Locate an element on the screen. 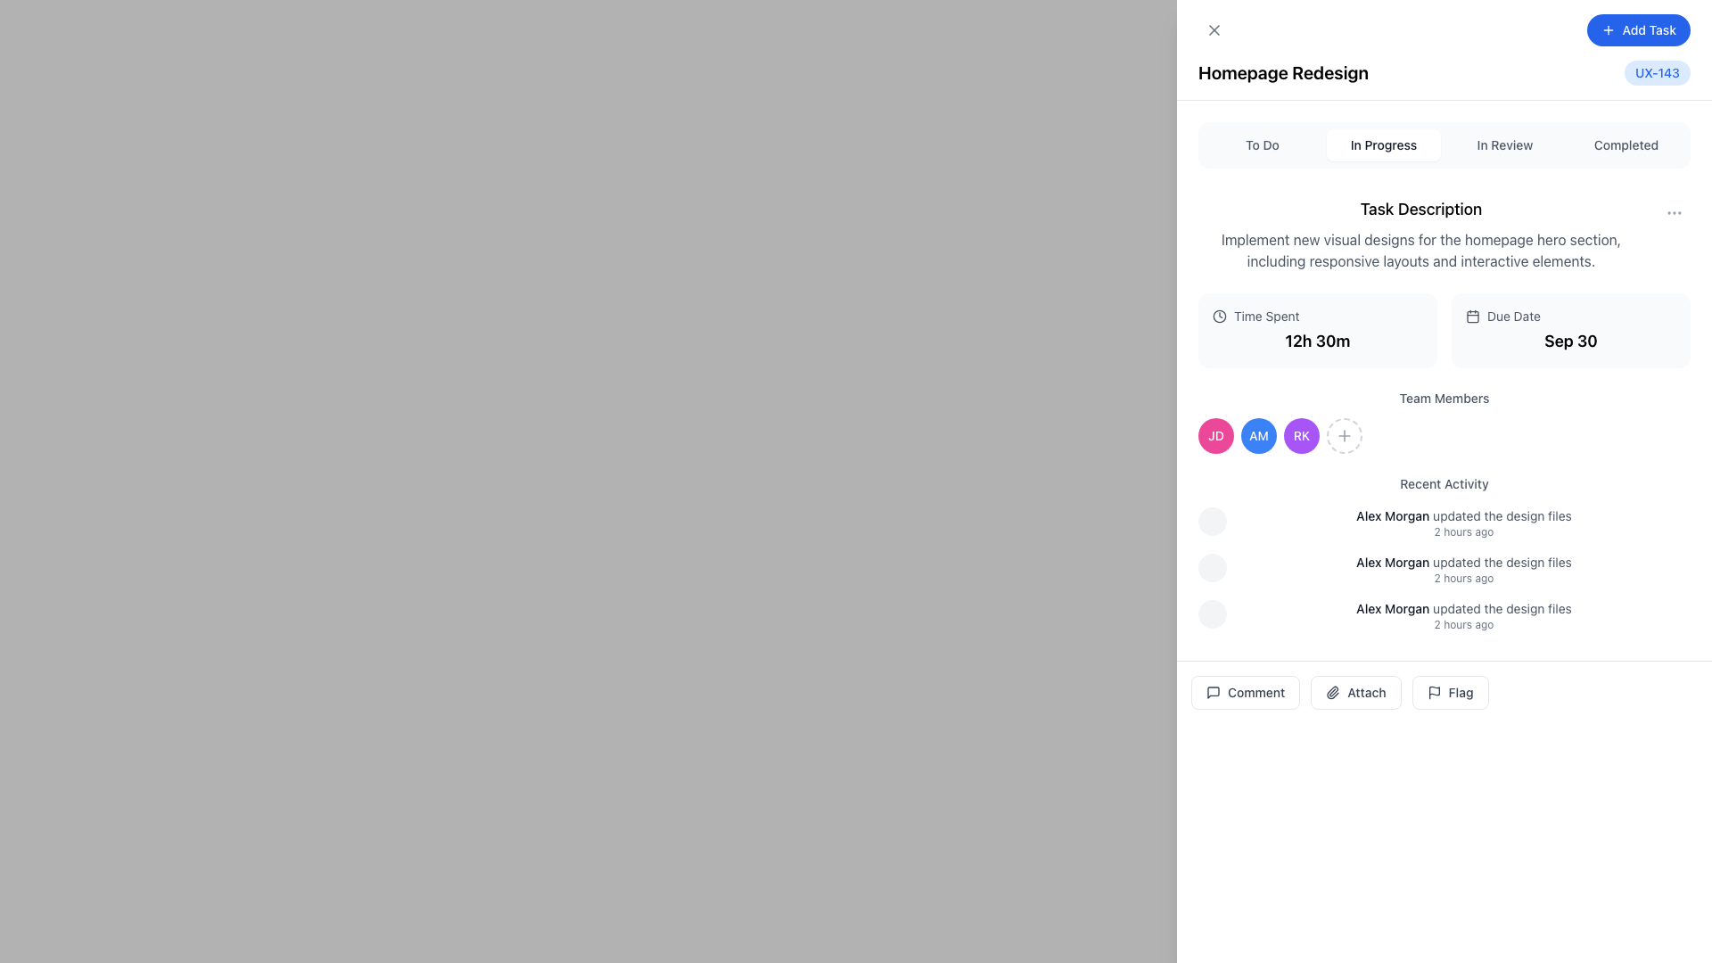 This screenshot has height=963, width=1712. the small flag-shaped icon within the 'Flag' button at the bottom-right corner of the interface is located at coordinates (1434, 691).